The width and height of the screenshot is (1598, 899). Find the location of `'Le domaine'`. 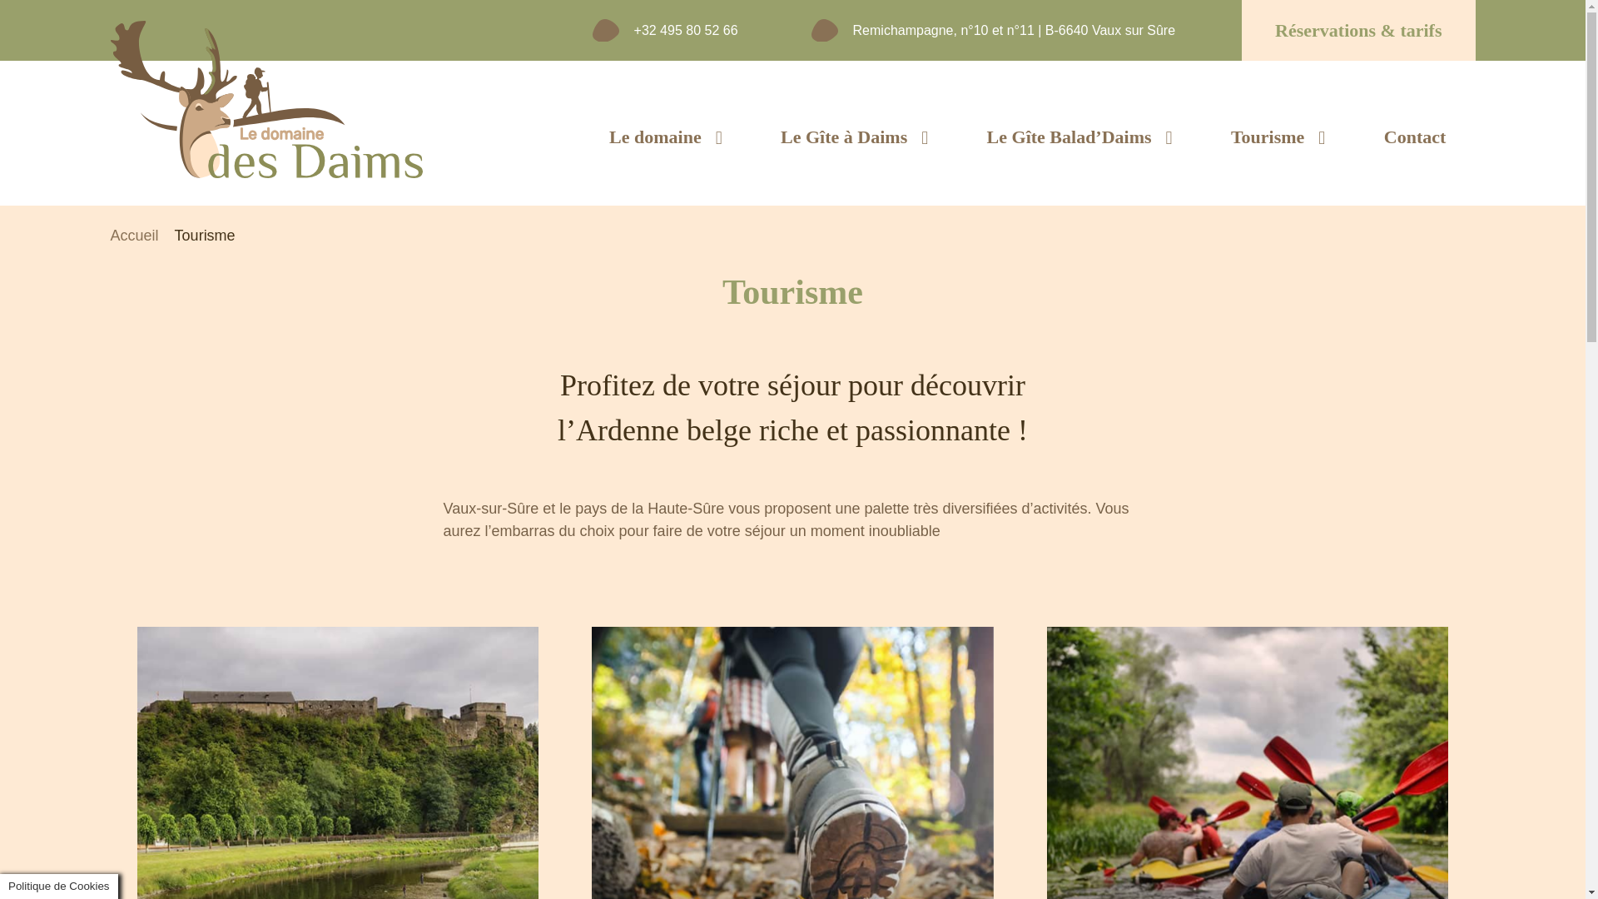

'Le domaine' is located at coordinates (666, 137).